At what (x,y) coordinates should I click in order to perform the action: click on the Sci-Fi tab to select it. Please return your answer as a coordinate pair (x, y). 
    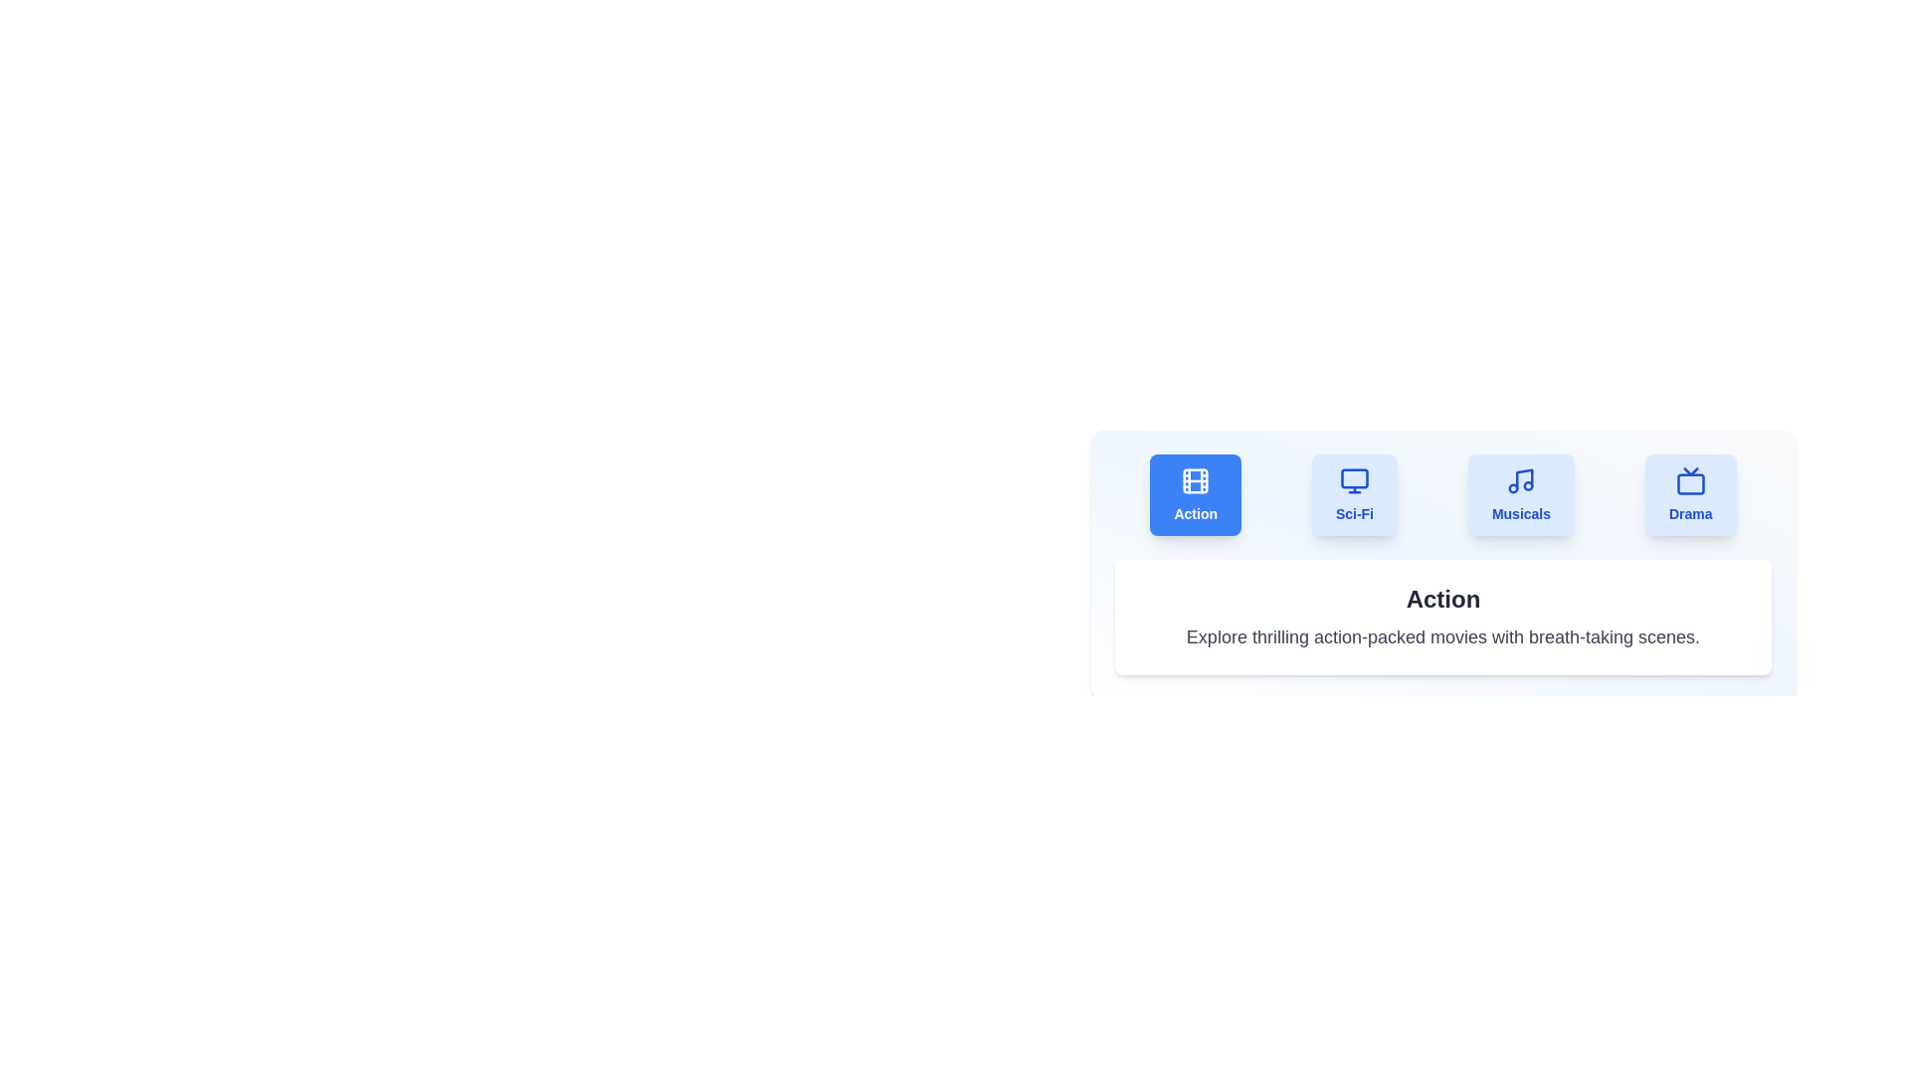
    Looking at the image, I should click on (1353, 493).